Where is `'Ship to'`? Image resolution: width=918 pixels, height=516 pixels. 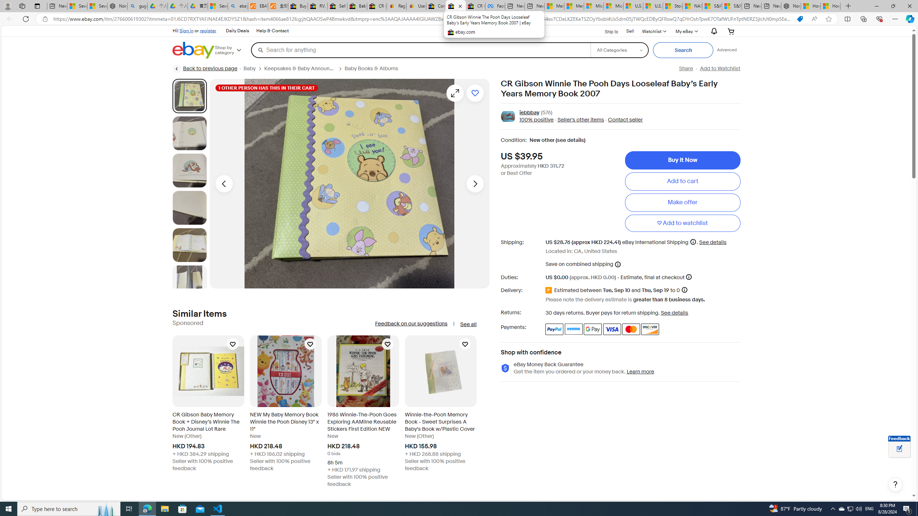 'Ship to' is located at coordinates (606, 30).